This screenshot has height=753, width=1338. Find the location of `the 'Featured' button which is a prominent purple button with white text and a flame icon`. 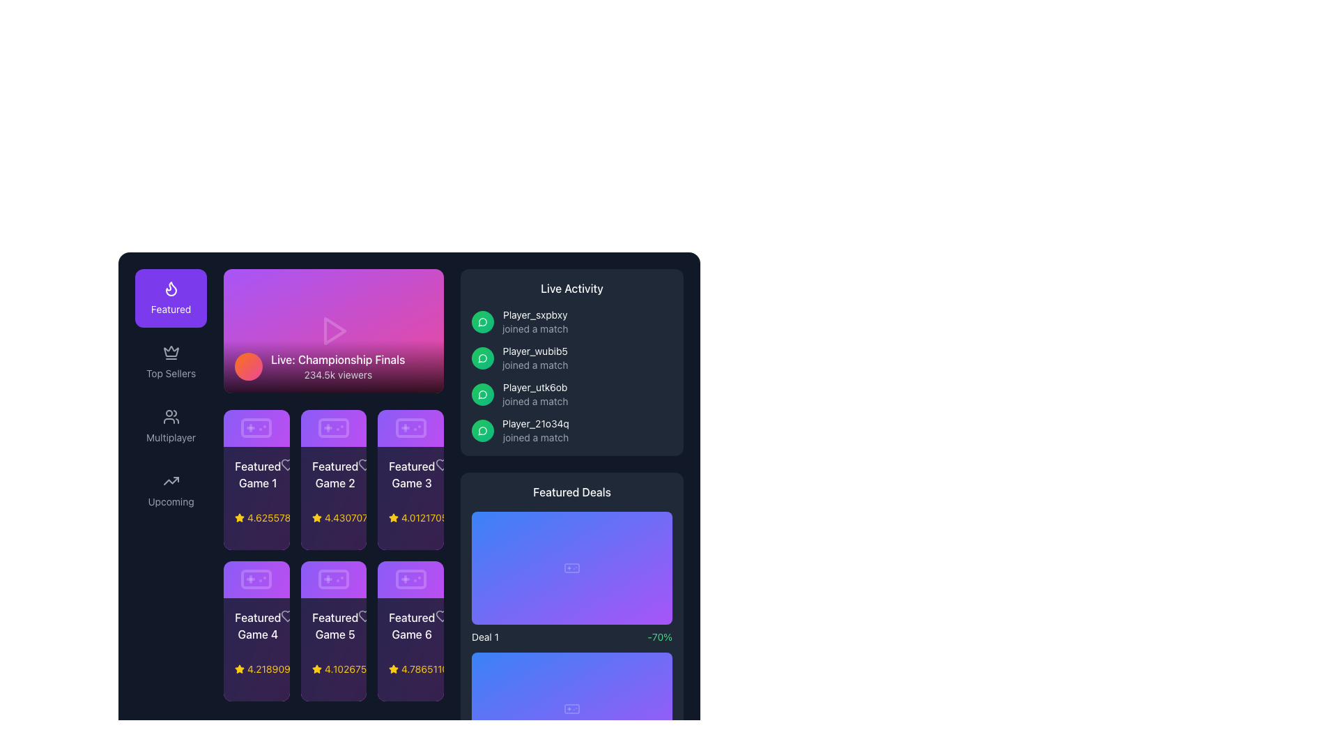

the 'Featured' button which is a prominent purple button with white text and a flame icon is located at coordinates (170, 298).